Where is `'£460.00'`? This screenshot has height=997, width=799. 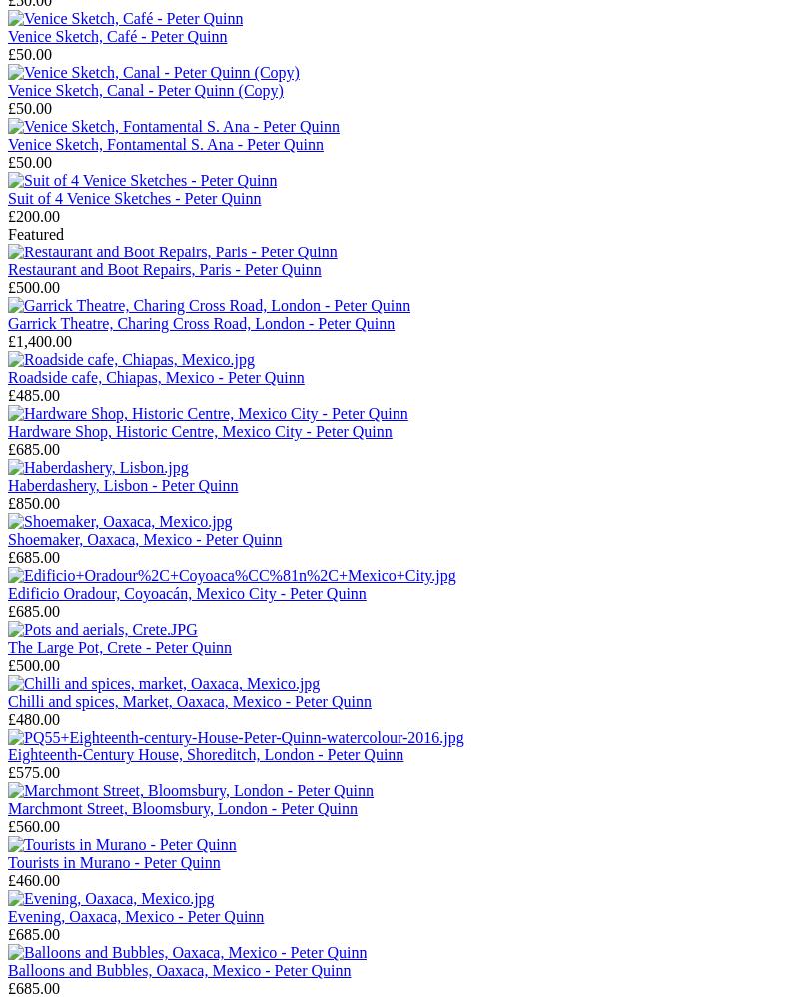 '£460.00' is located at coordinates (33, 879).